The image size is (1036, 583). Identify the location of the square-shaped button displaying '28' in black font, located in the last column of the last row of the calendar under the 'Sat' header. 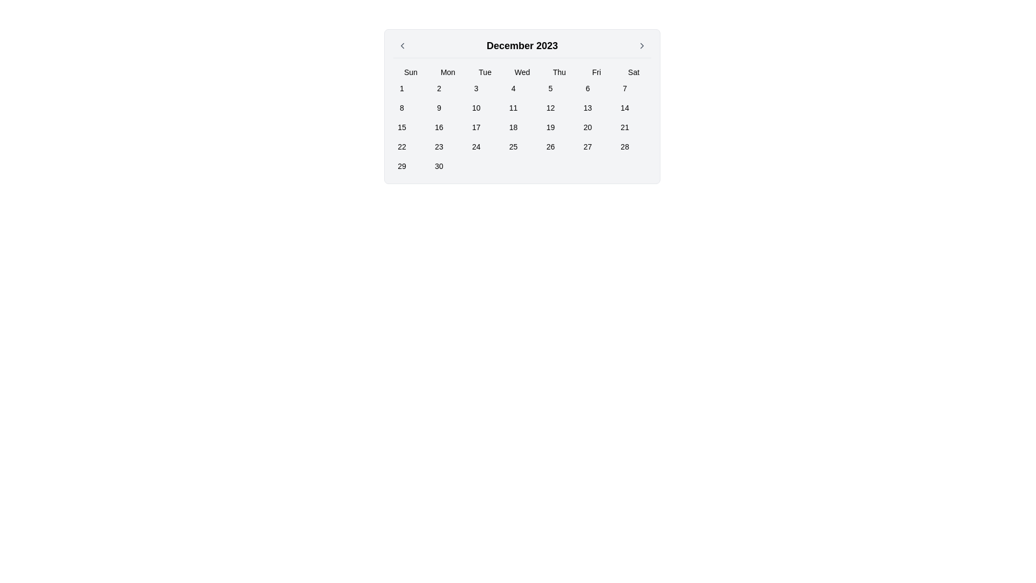
(625, 147).